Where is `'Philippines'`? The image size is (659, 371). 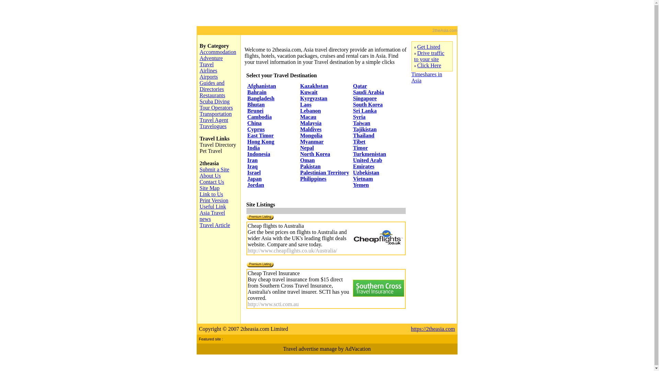 'Philippines' is located at coordinates (313, 178).